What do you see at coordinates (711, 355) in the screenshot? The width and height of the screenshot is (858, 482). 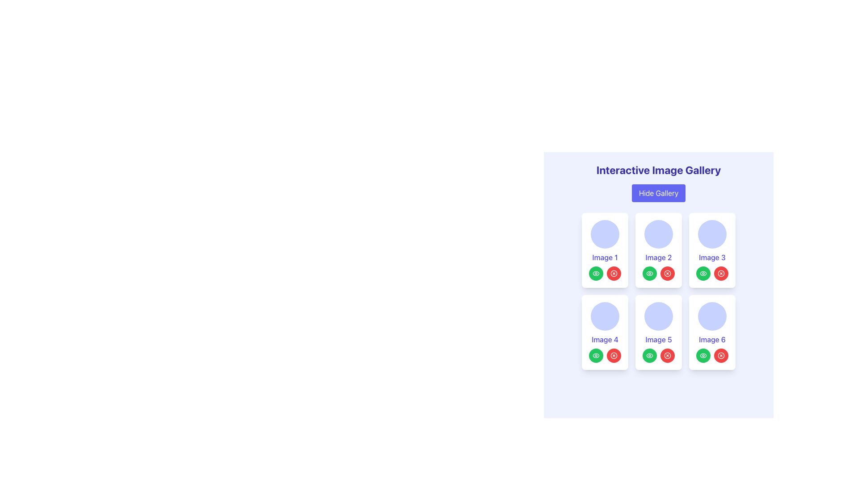 I see `the grouped buttons for visual and deletion control associated with 'Image 6' located at the bottom center of the card in the 'Interactive Image Gallery'` at bounding box center [711, 355].